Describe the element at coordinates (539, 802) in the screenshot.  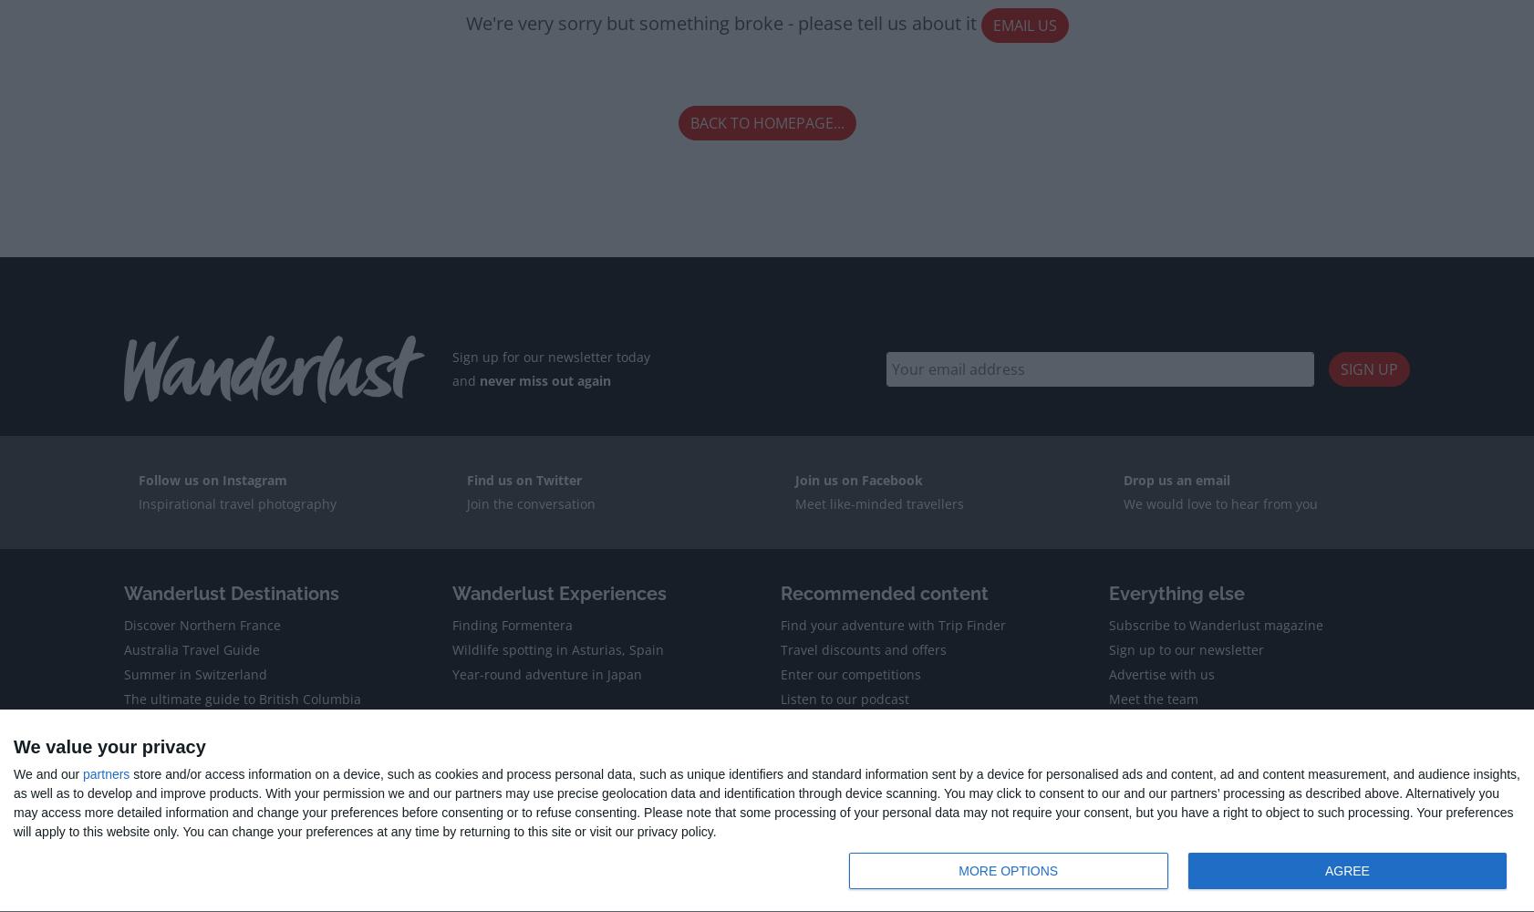
I see `'Report a problem'` at that location.